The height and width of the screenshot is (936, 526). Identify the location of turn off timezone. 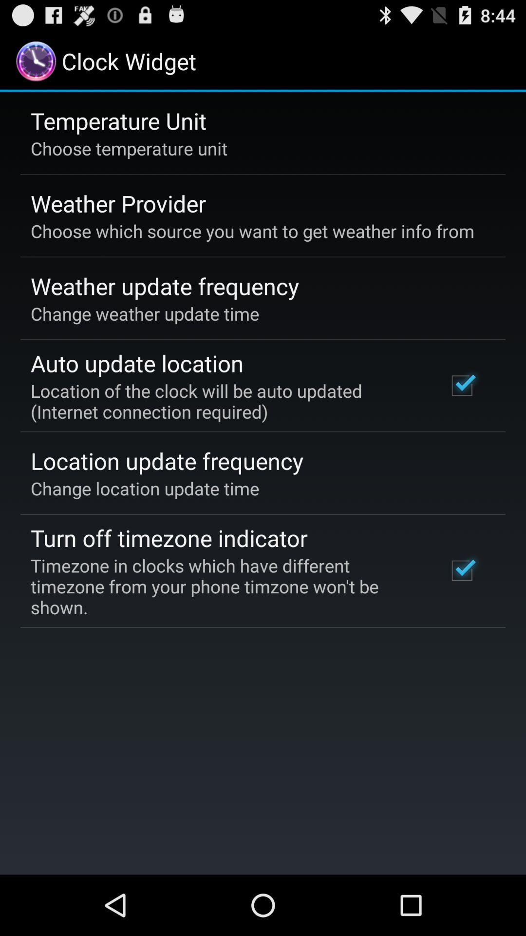
(169, 537).